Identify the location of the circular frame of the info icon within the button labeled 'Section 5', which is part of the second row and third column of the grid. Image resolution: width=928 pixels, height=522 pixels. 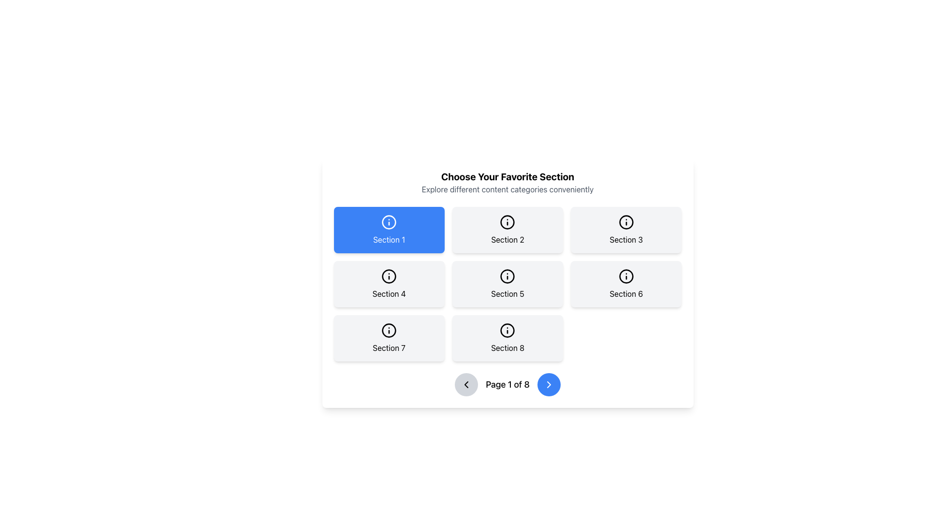
(507, 276).